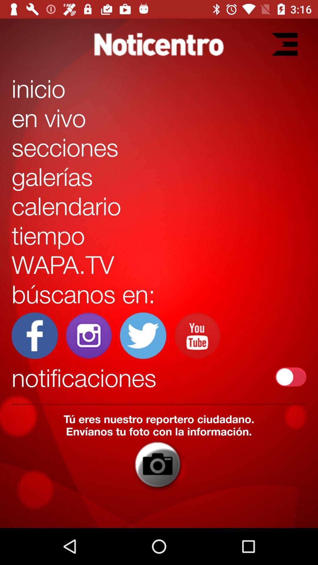  Describe the element at coordinates (35, 335) in the screenshot. I see `share to facebook` at that location.